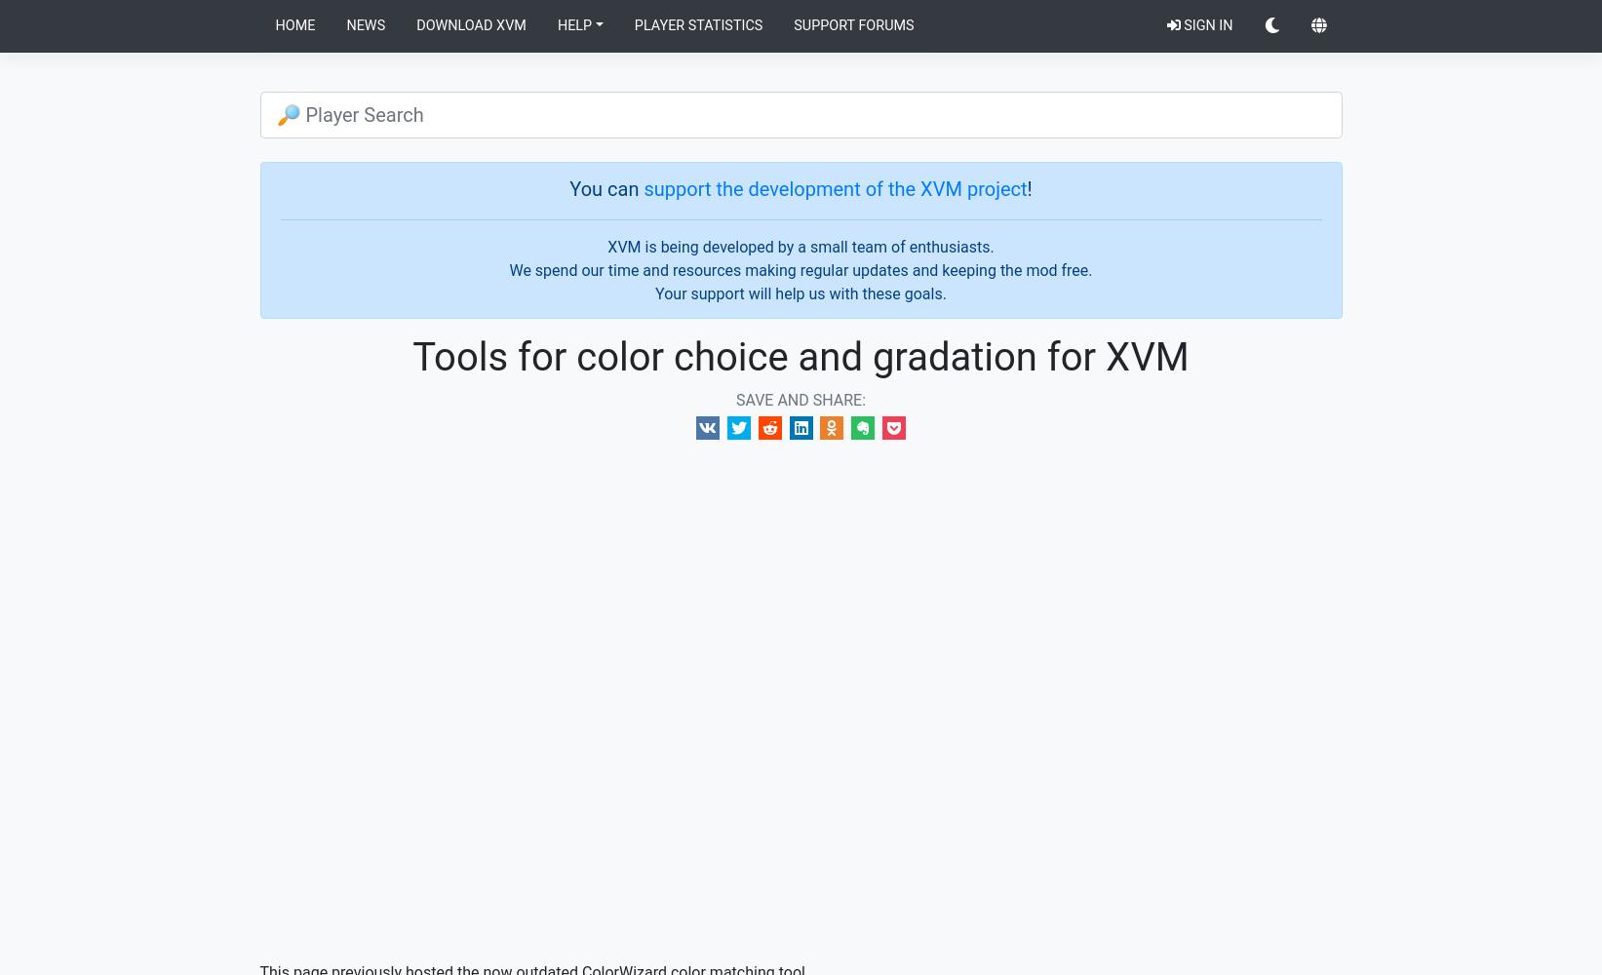 The width and height of the screenshot is (1602, 975). What do you see at coordinates (574, 25) in the screenshot?
I see `'Help'` at bounding box center [574, 25].